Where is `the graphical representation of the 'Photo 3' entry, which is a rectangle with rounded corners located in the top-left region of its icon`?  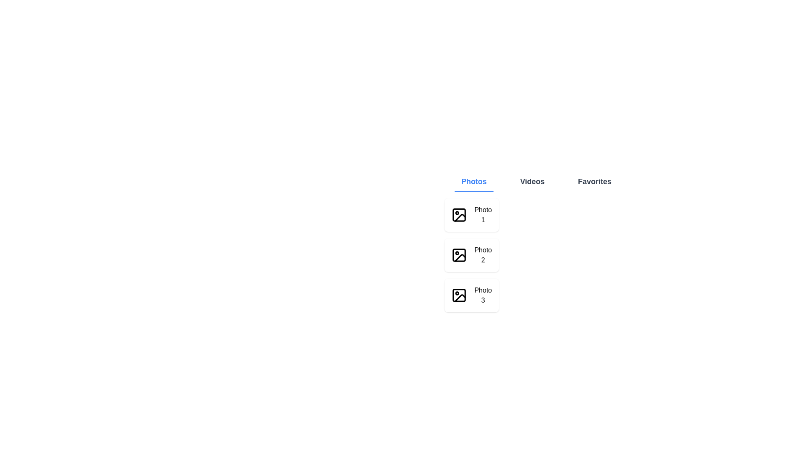
the graphical representation of the 'Photo 3' entry, which is a rectangle with rounded corners located in the top-left region of its icon is located at coordinates (459, 295).